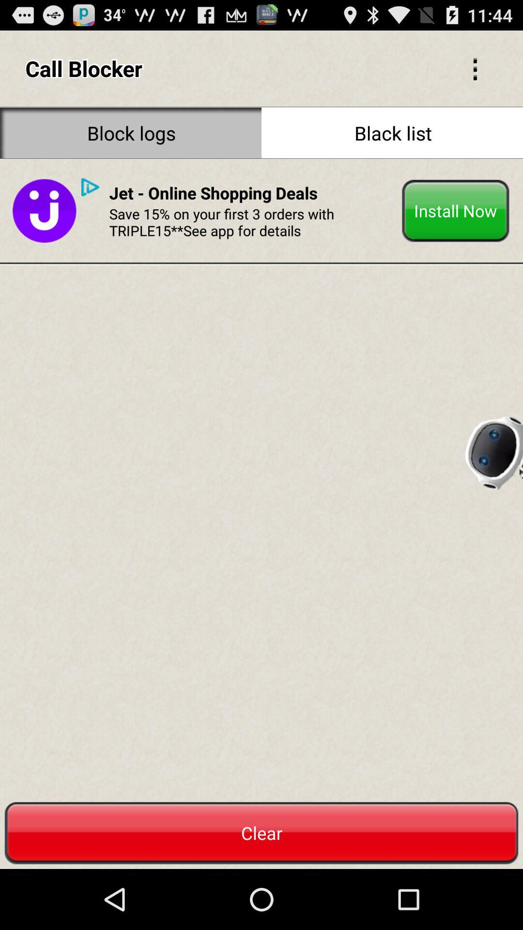  I want to click on more options icon, so click(475, 68).